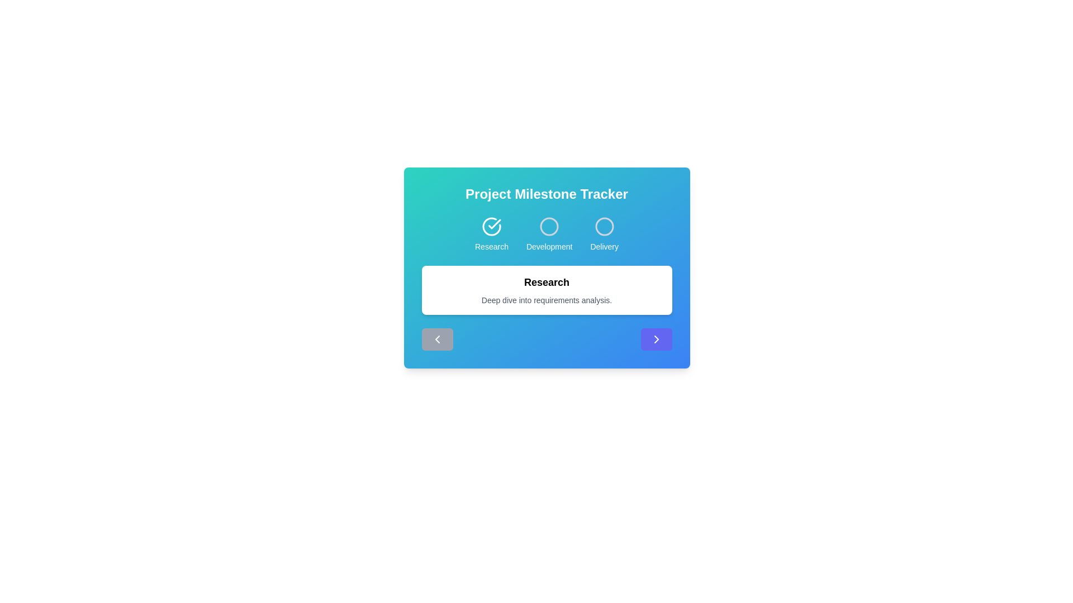  Describe the element at coordinates (656, 339) in the screenshot. I see `the rightward-pointing chevron icon with a blue background located at the bottom-right of the card interface to proceed to the next section` at that location.